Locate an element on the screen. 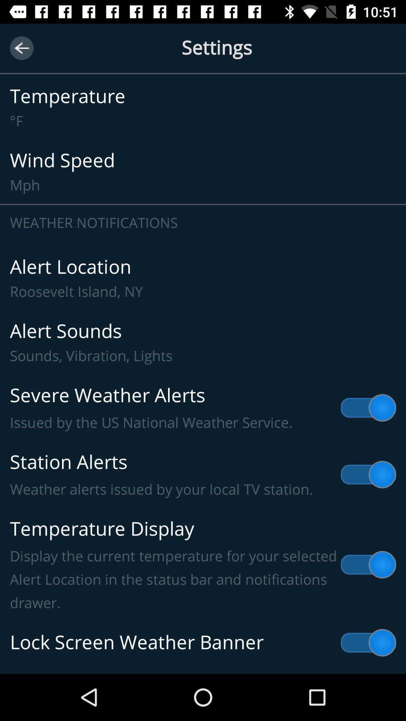 Image resolution: width=406 pixels, height=721 pixels. the arrow_backward icon is located at coordinates (21, 48).